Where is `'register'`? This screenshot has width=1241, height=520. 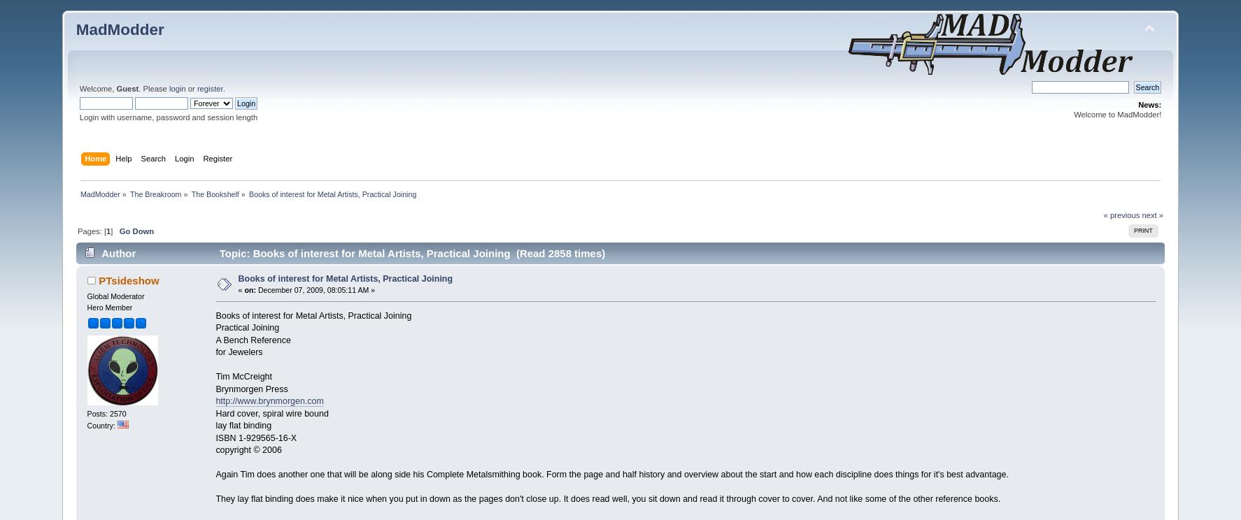
'register' is located at coordinates (209, 89).